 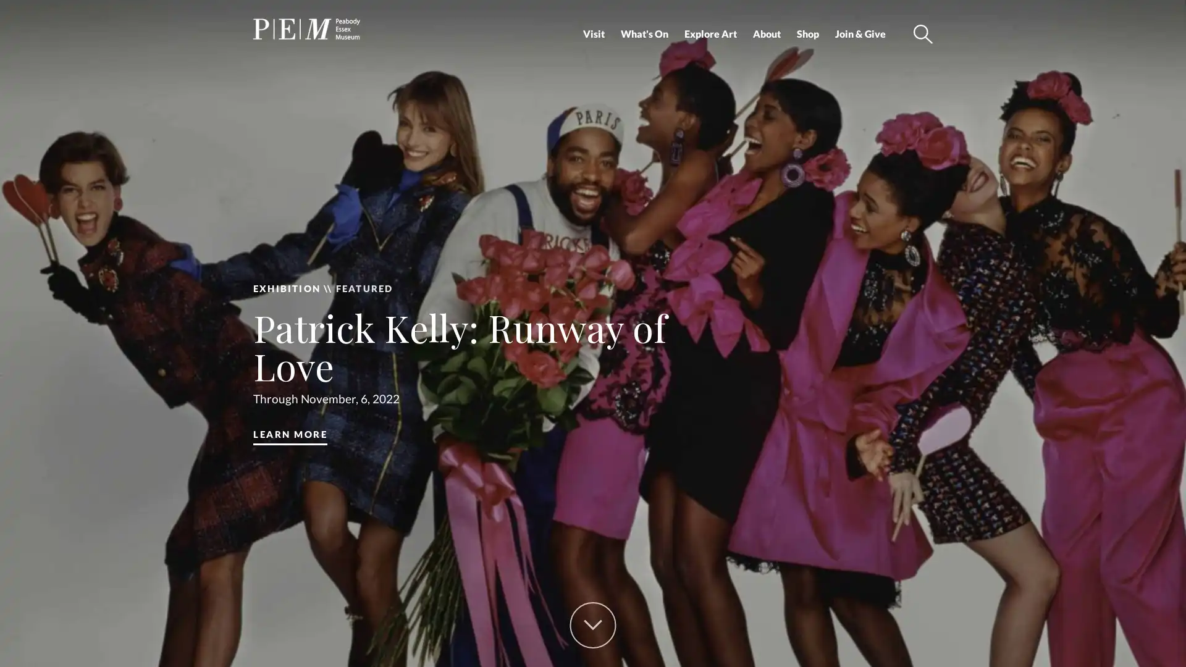 What do you see at coordinates (592, 625) in the screenshot?
I see `Scroll Down` at bounding box center [592, 625].